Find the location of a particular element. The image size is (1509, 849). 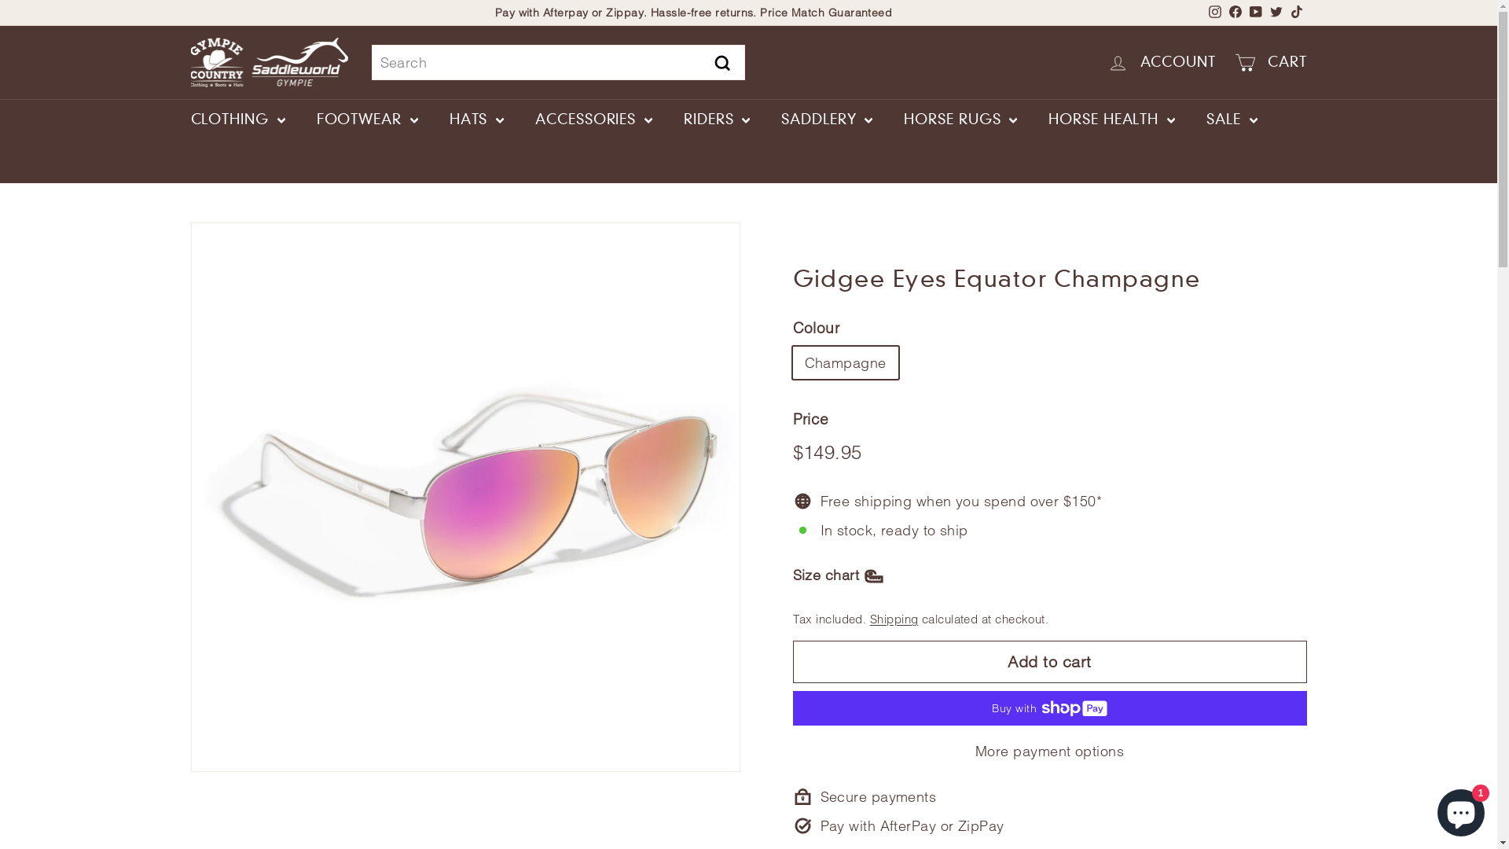

'Facebook' is located at coordinates (1233, 13).